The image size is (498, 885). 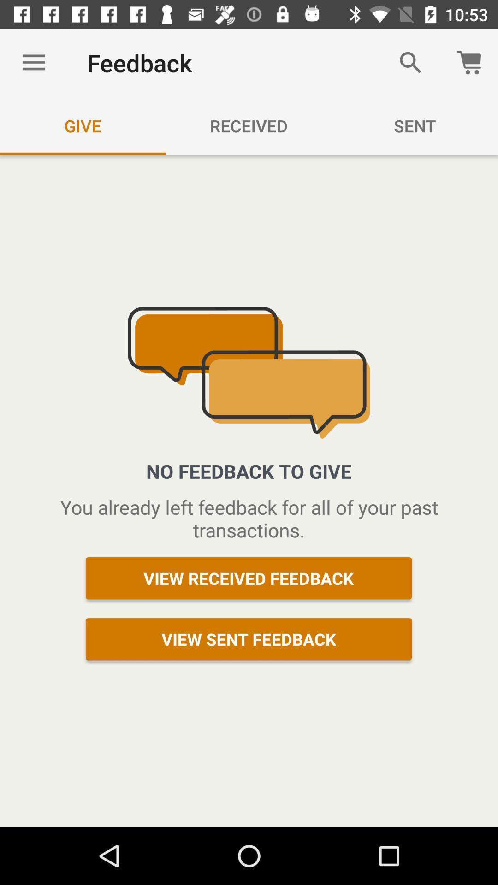 What do you see at coordinates (410, 62) in the screenshot?
I see `item above sent icon` at bounding box center [410, 62].